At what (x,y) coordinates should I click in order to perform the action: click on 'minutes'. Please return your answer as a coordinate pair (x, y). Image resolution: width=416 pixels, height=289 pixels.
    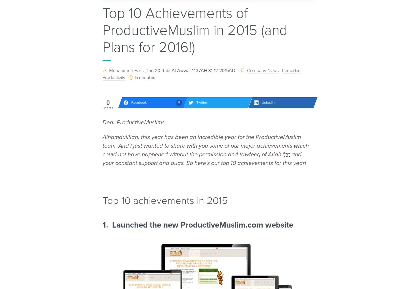
    Looking at the image, I should click on (147, 77).